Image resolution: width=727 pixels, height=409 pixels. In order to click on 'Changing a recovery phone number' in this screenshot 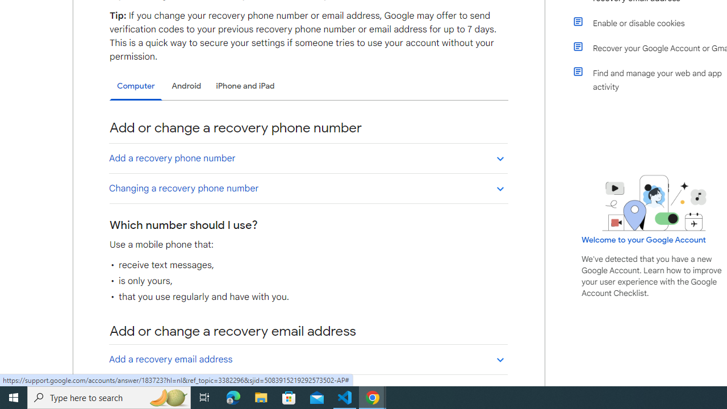, I will do `click(308, 187)`.